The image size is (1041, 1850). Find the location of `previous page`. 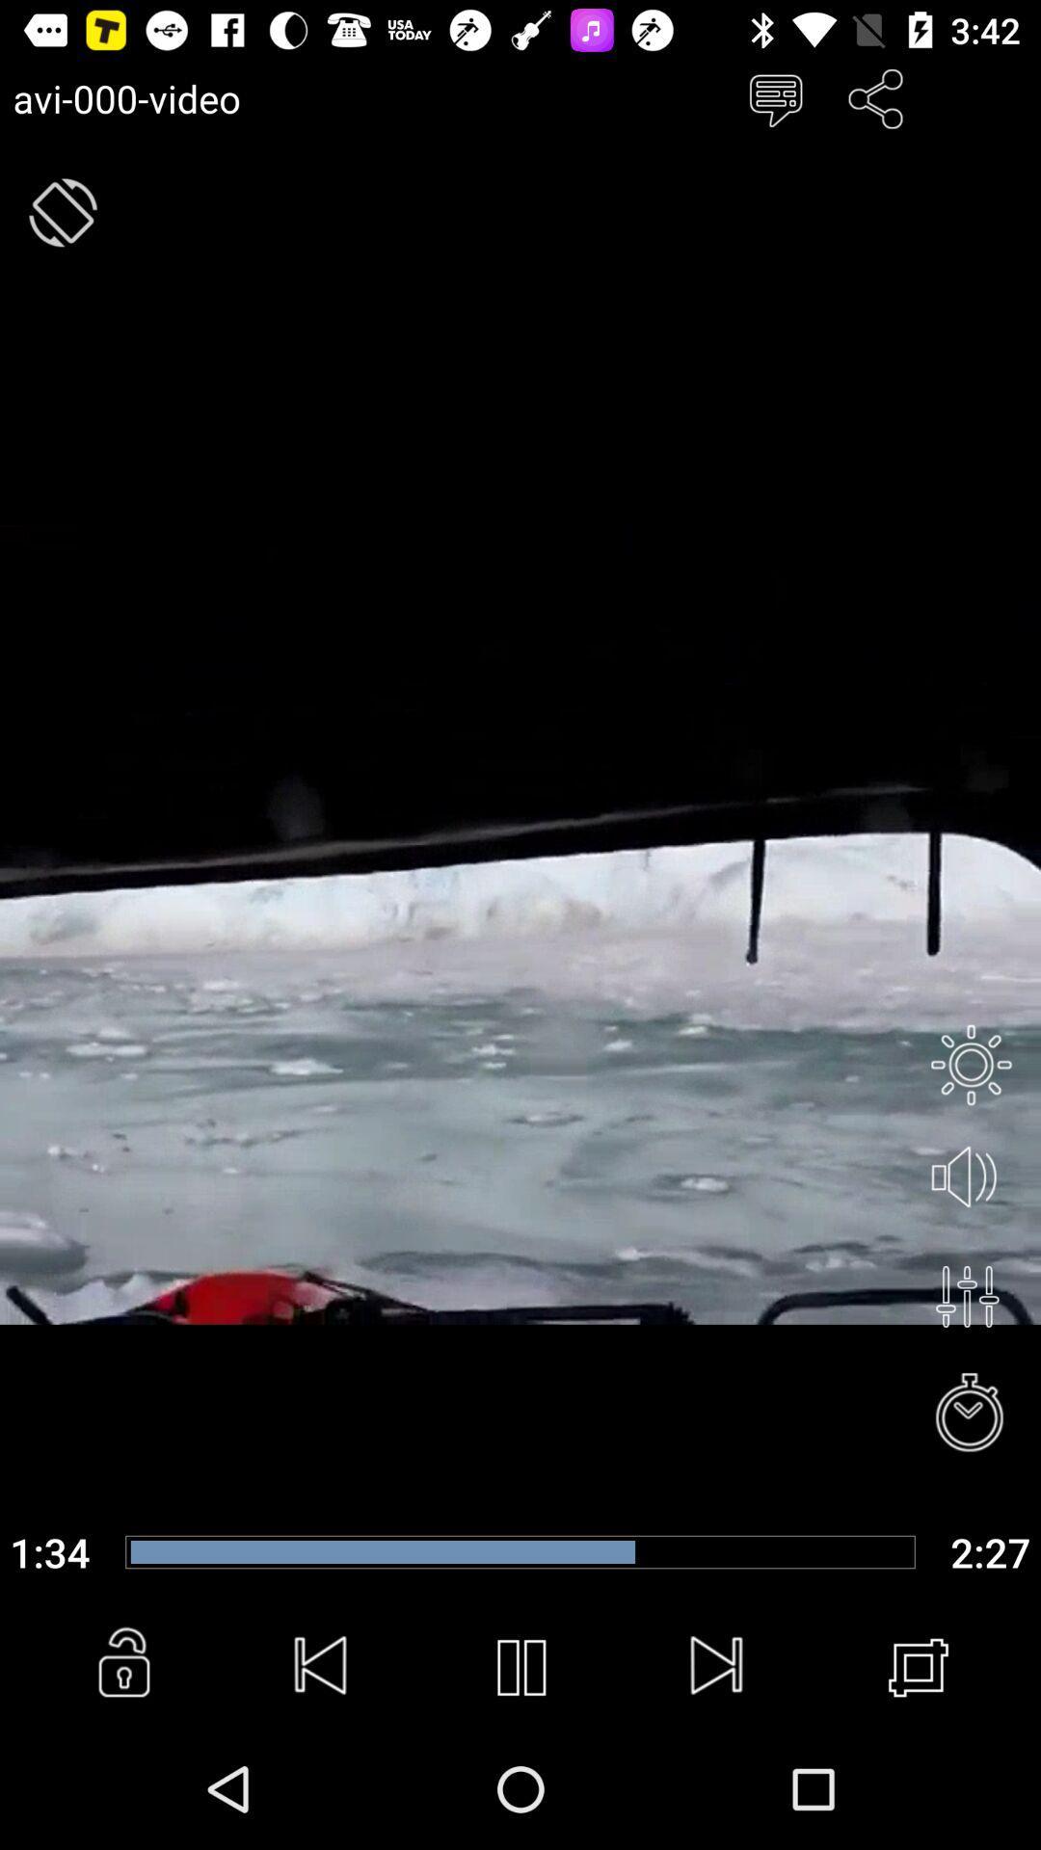

previous page is located at coordinates (321, 1667).